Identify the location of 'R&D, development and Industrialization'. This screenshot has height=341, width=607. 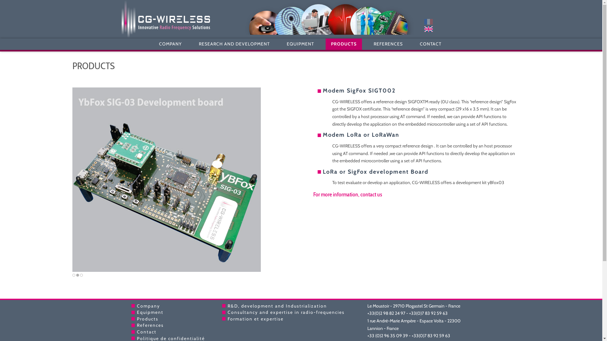
(228, 305).